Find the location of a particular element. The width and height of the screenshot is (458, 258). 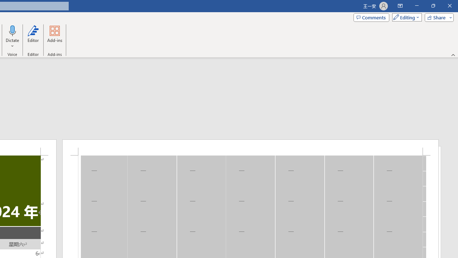

'Share' is located at coordinates (437, 17).